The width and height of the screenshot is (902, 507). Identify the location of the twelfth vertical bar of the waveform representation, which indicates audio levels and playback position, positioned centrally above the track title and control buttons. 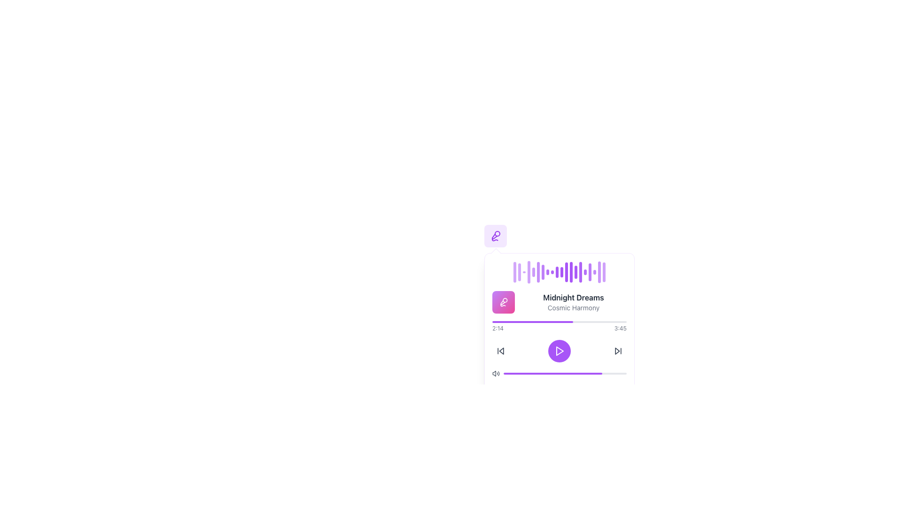
(570, 272).